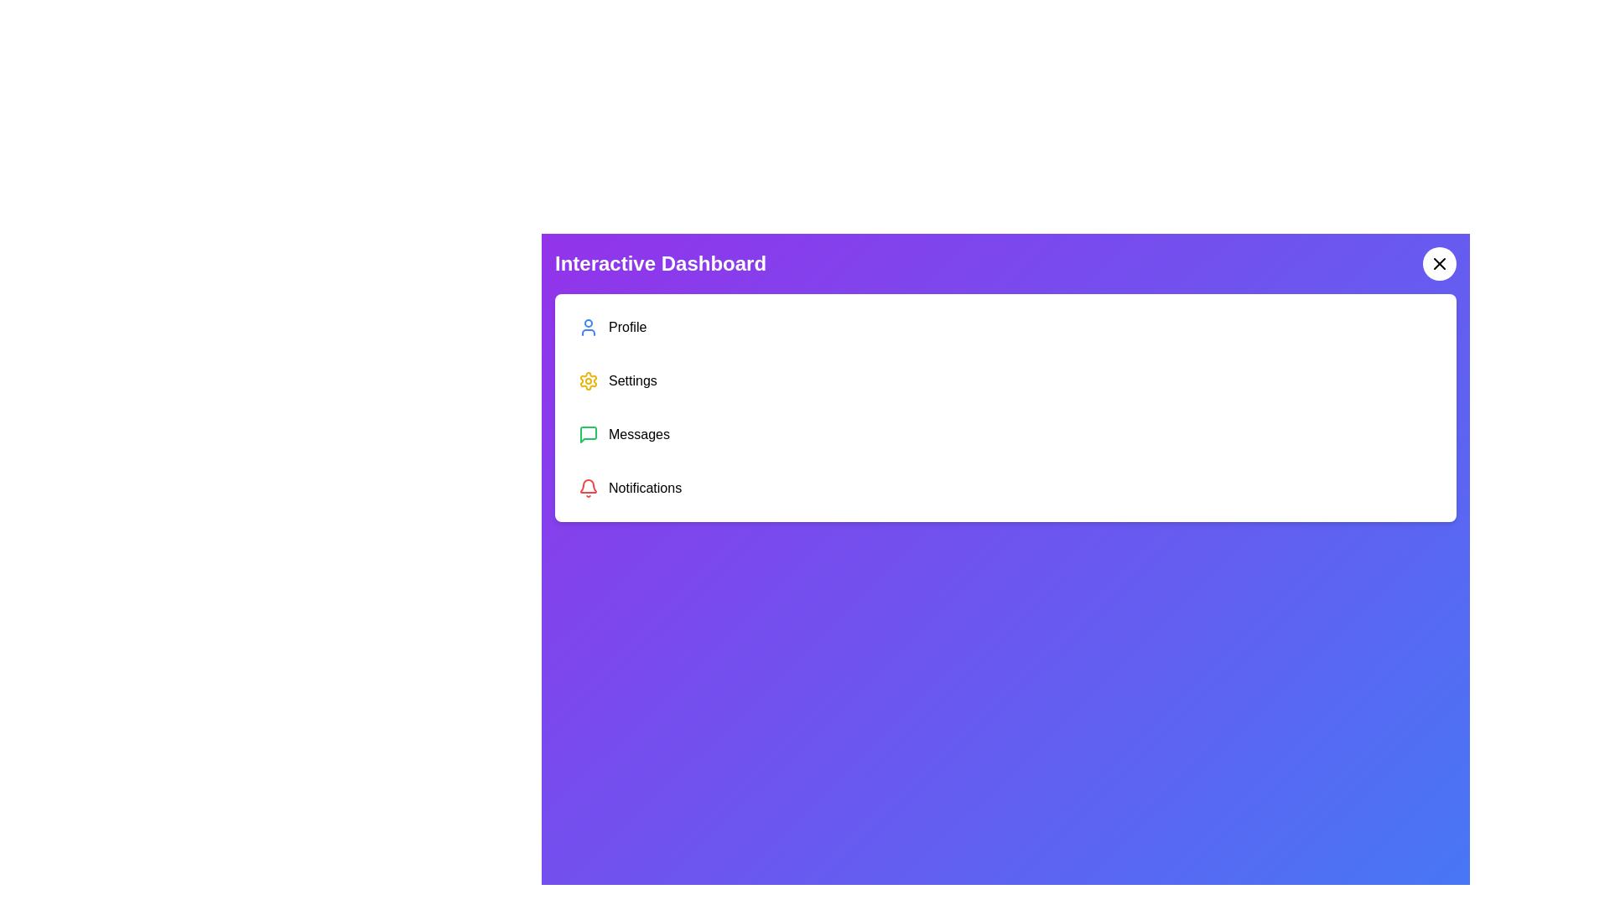  Describe the element at coordinates (588, 381) in the screenshot. I see `the settings gear icon, which is outlined in yellow and located next to the 'Settings' label in the second row of the dashboard's menu` at that location.